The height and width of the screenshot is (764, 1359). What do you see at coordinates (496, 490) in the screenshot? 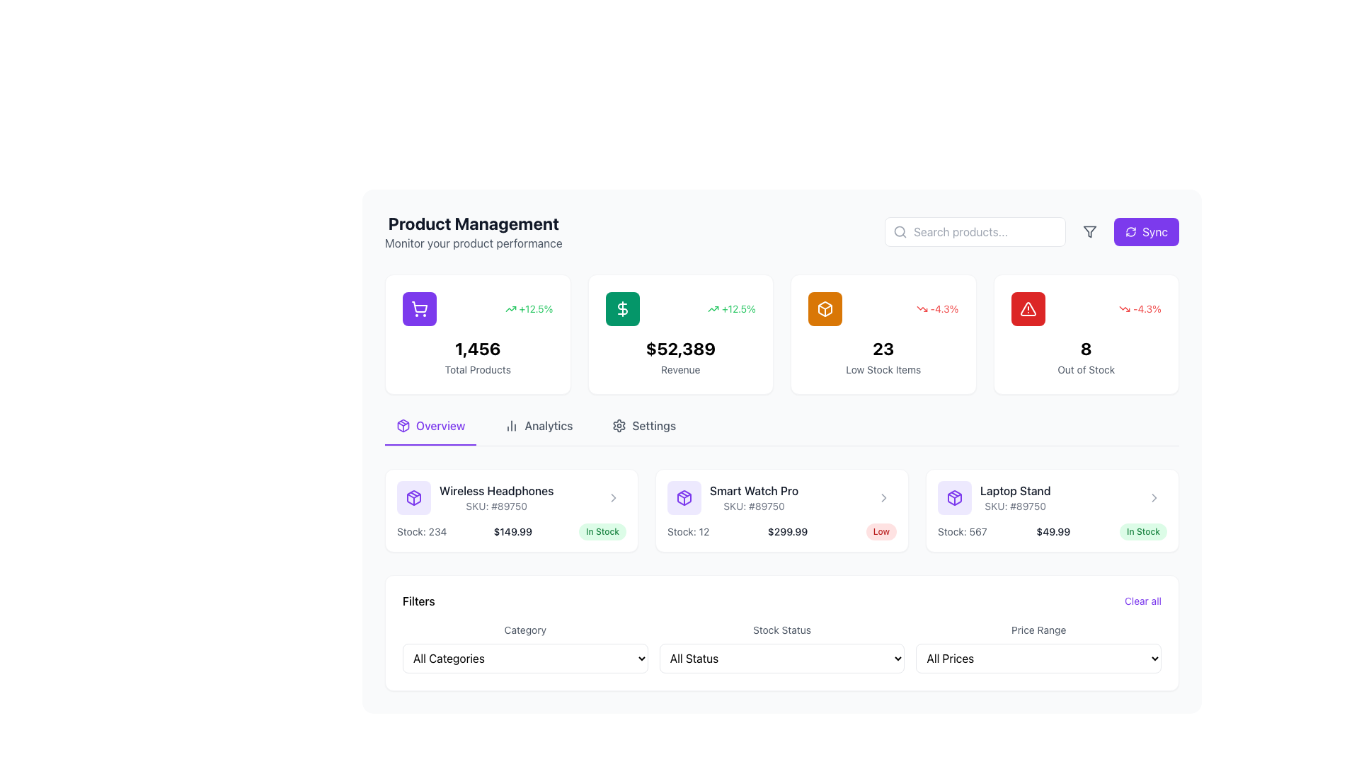
I see `the text label 'Wireless Headphones'` at bounding box center [496, 490].